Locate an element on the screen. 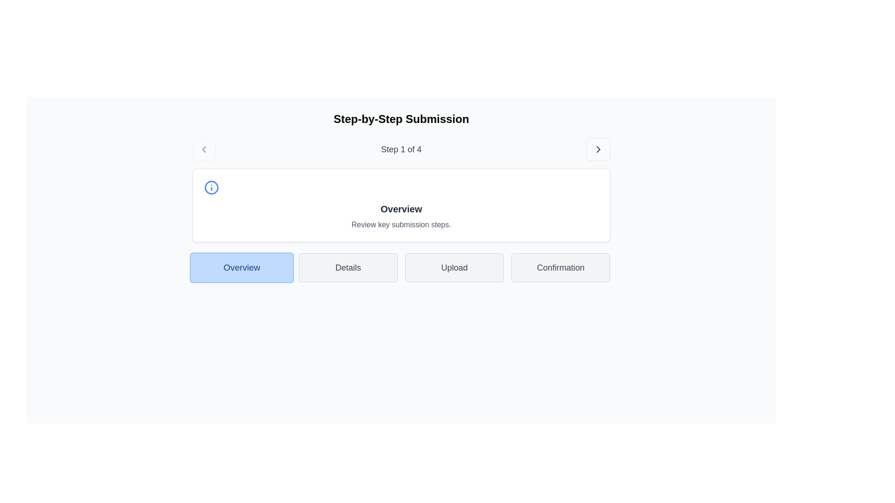 The width and height of the screenshot is (895, 503). the chevron icon located in a button-like area near the top-right corner of the layout is located at coordinates (598, 149).